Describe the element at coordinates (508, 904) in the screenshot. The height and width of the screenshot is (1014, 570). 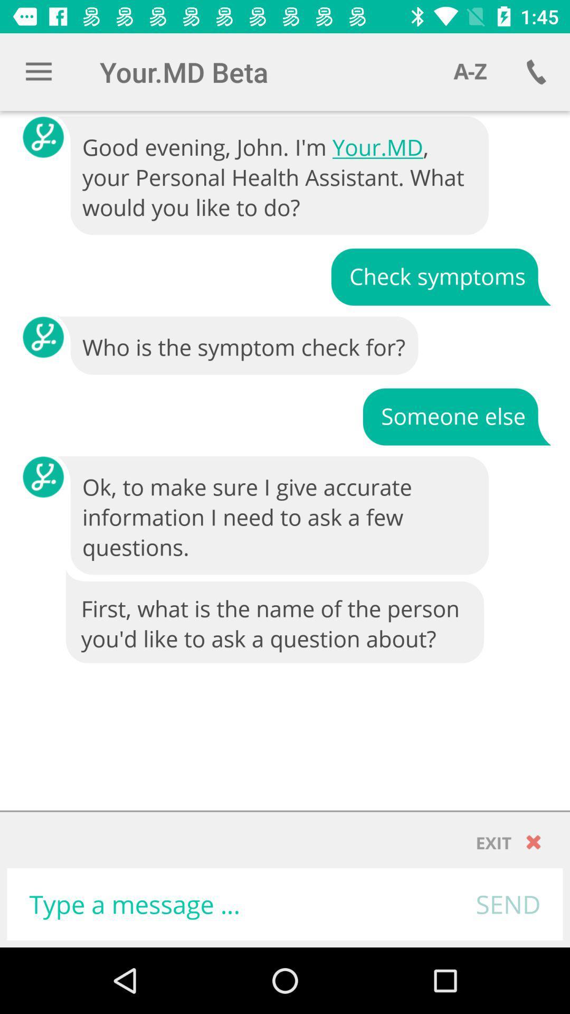
I see `send` at that location.